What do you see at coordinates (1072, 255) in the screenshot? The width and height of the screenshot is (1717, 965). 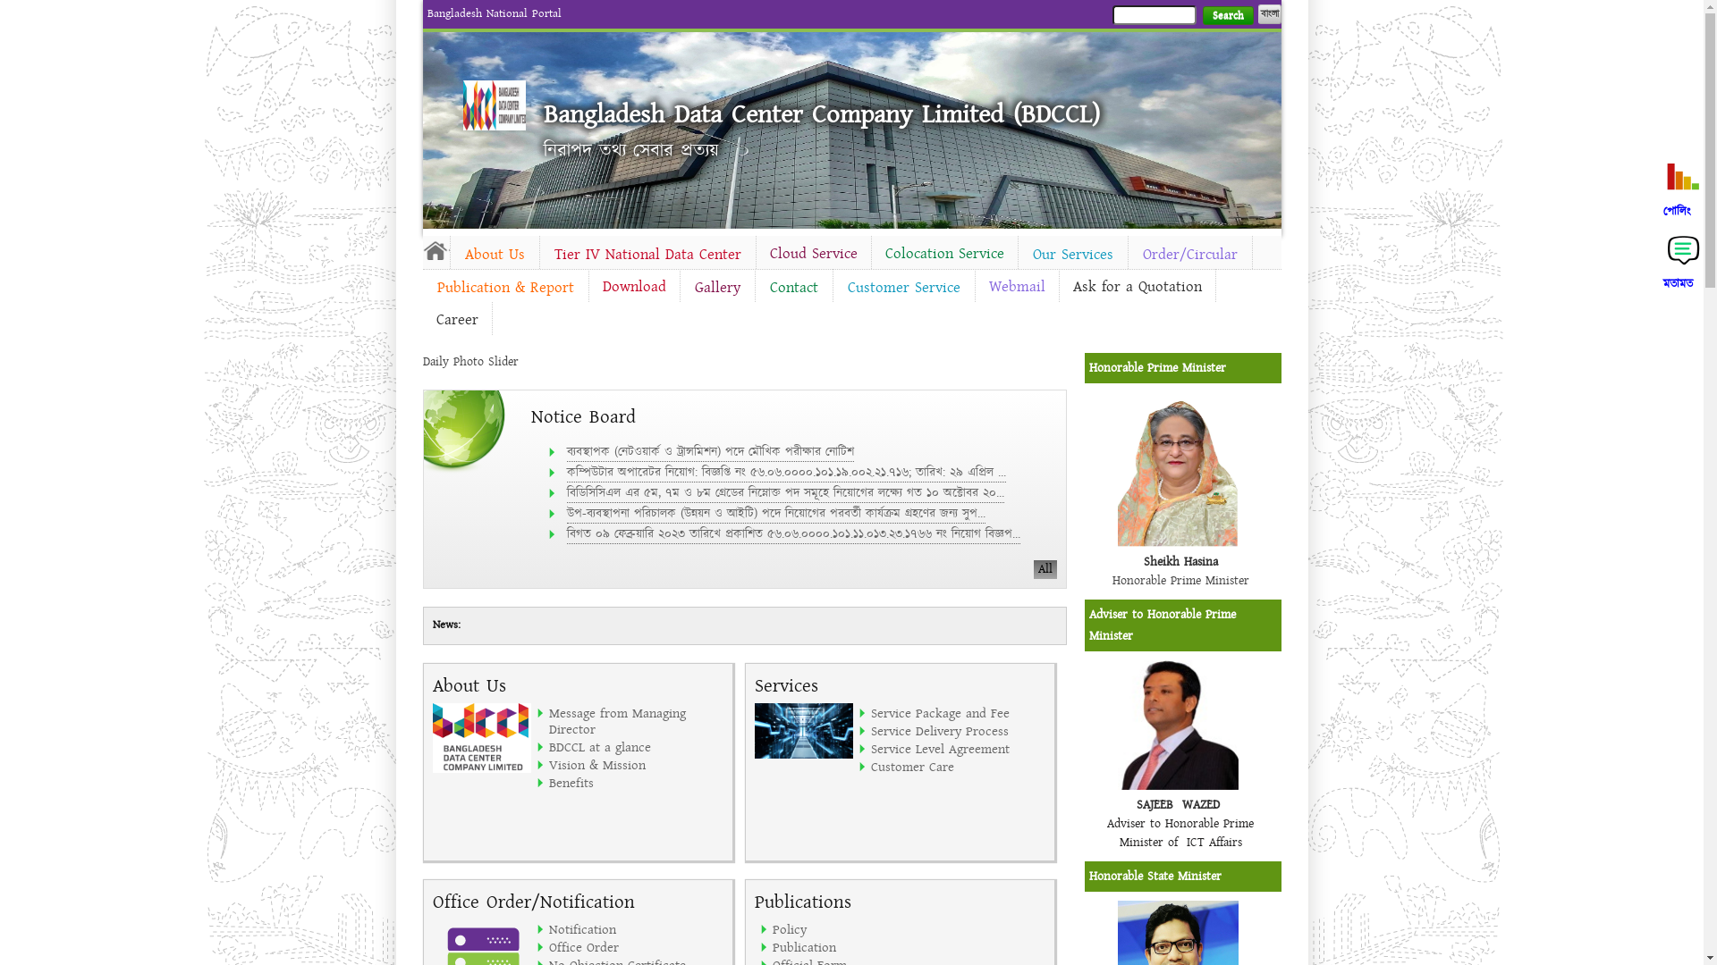 I see `'Our Services'` at bounding box center [1072, 255].